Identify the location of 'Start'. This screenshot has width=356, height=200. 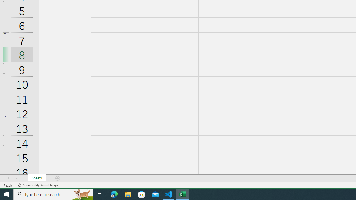
(7, 194).